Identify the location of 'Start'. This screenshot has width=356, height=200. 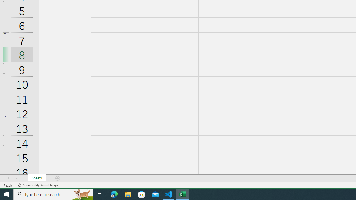
(7, 194).